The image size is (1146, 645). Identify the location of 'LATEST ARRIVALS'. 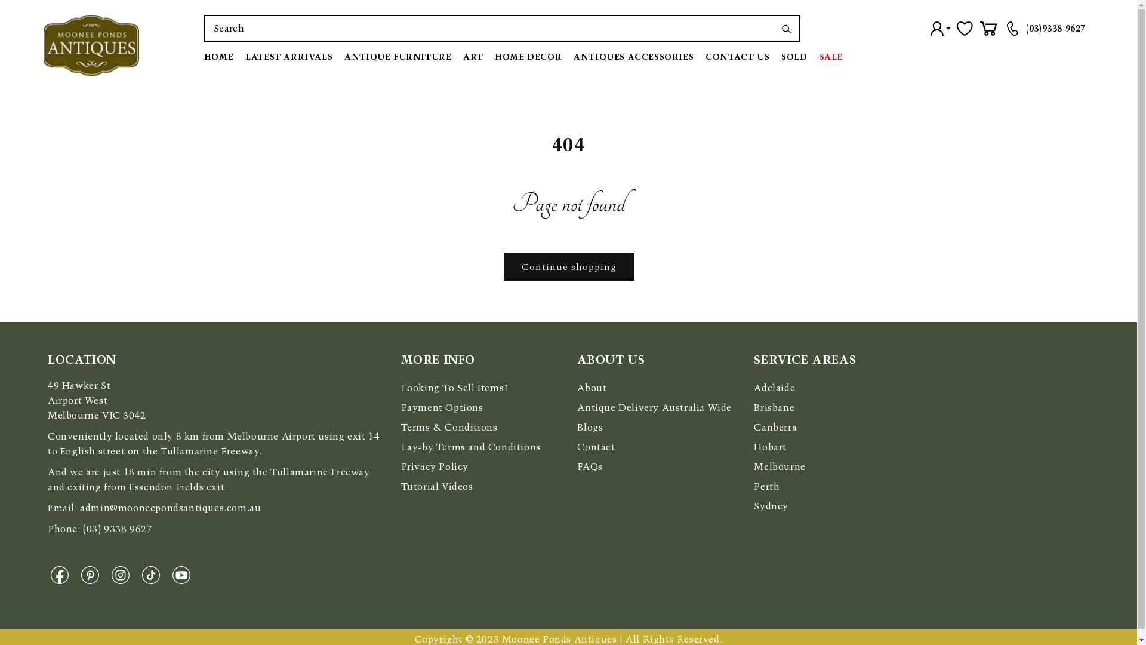
(239, 57).